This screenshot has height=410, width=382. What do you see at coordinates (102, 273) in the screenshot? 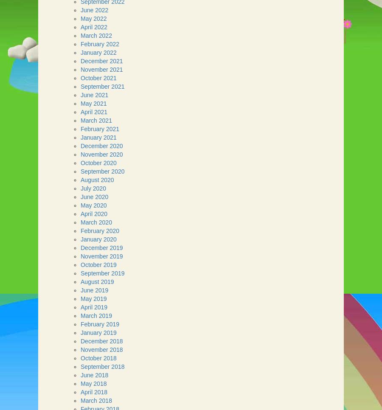
I see `'September 2019'` at bounding box center [102, 273].